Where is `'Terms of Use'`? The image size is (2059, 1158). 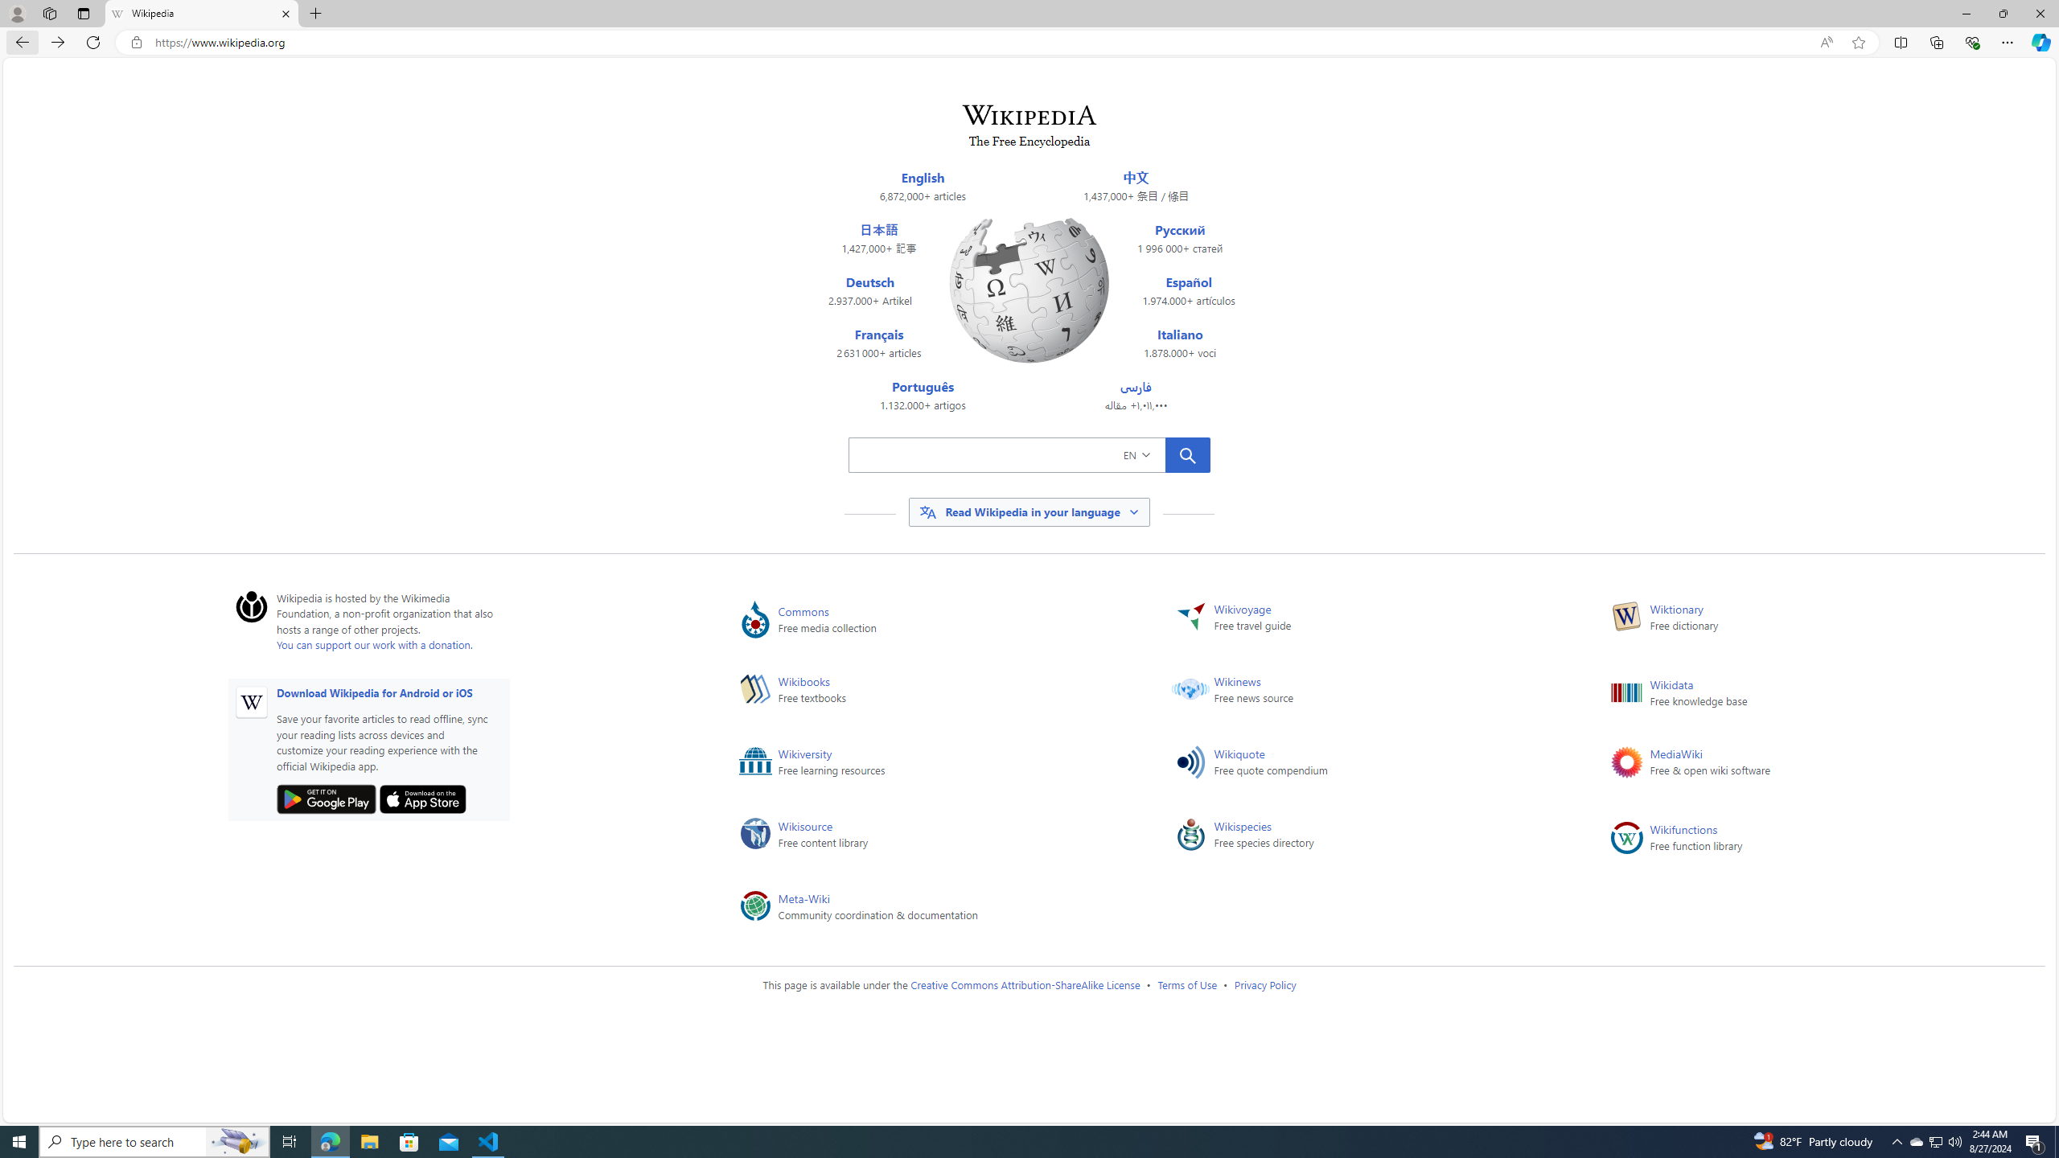
'Terms of Use' is located at coordinates (1186, 983).